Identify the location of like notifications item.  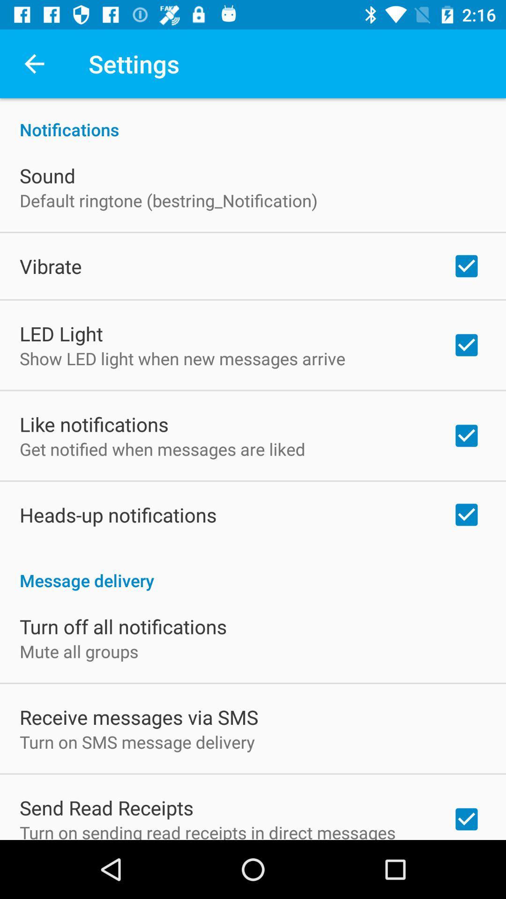
(94, 424).